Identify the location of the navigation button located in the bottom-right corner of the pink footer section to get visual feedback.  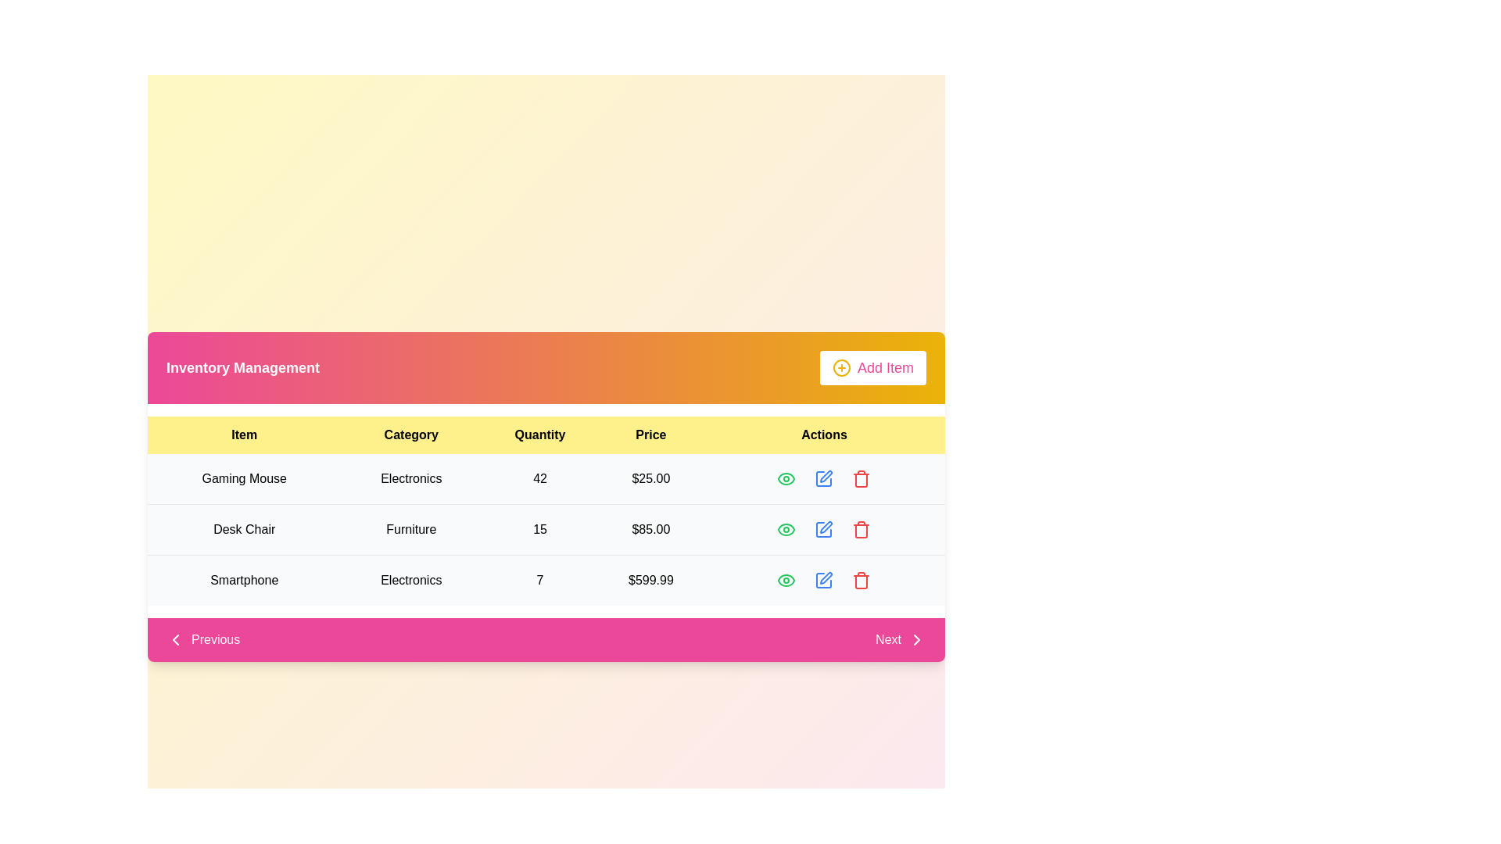
(901, 639).